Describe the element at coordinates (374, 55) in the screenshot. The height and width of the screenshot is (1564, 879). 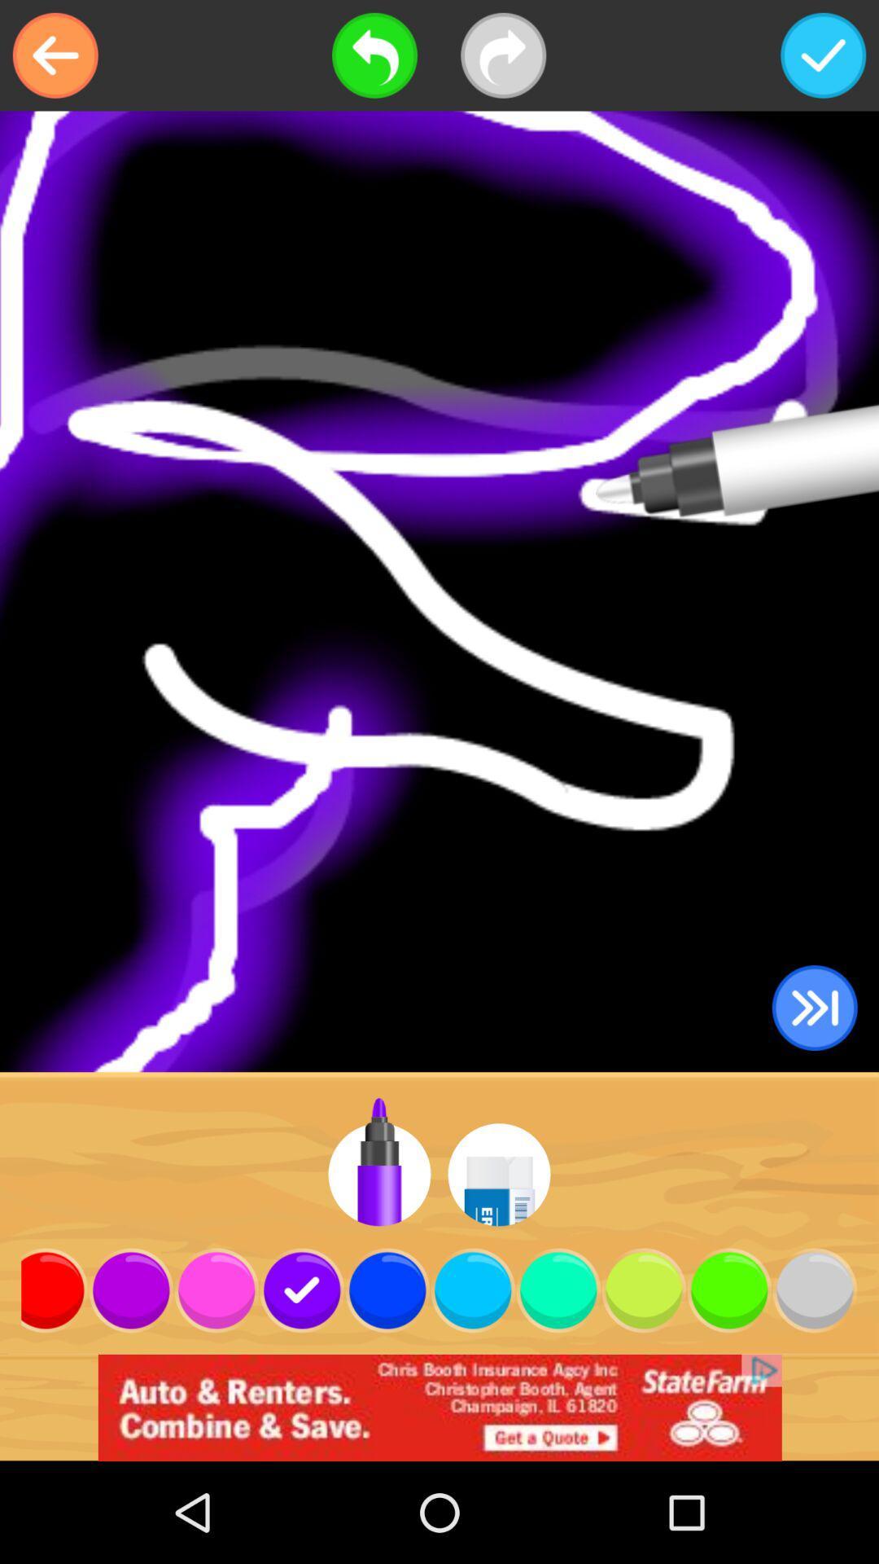
I see `go back` at that location.